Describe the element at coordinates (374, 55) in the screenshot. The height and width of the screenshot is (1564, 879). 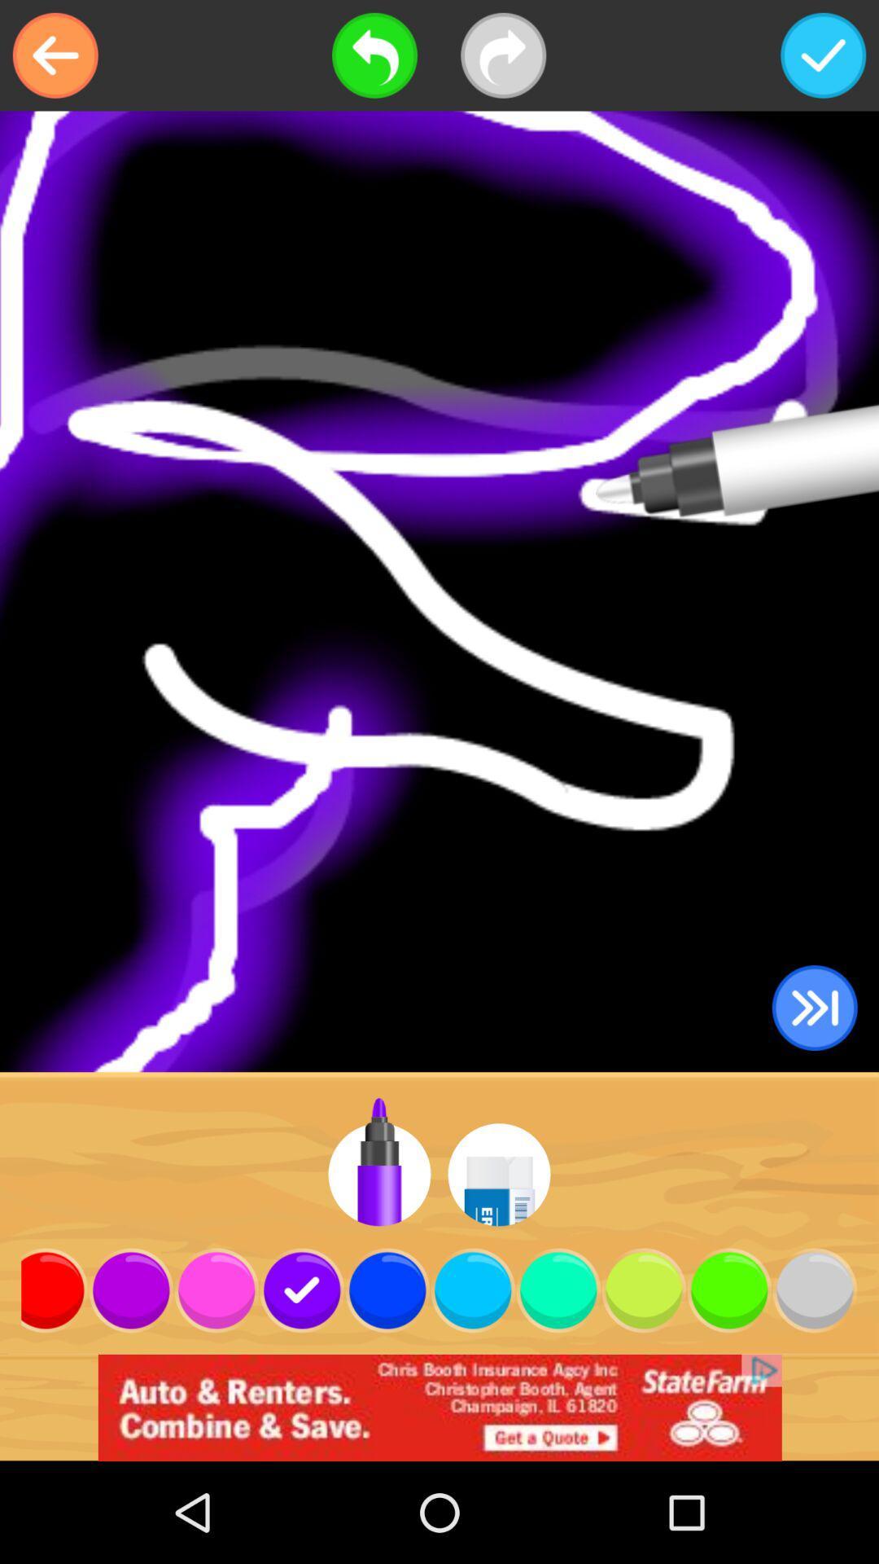
I see `go back` at that location.